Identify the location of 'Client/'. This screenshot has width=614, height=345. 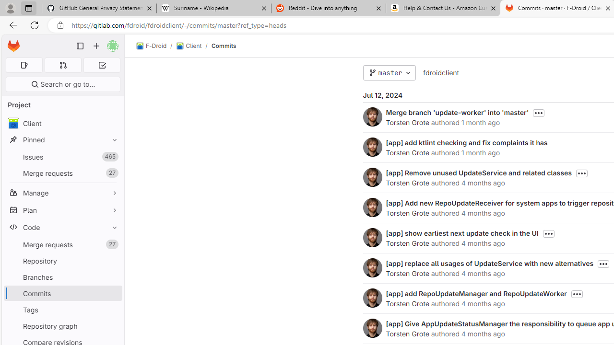
(193, 46).